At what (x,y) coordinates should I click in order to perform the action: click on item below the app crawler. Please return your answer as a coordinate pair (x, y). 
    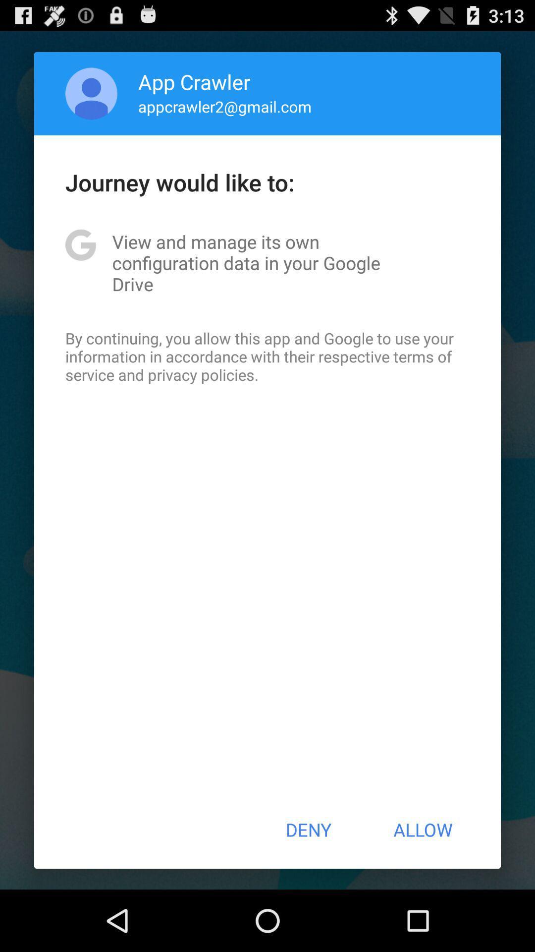
    Looking at the image, I should click on (225, 106).